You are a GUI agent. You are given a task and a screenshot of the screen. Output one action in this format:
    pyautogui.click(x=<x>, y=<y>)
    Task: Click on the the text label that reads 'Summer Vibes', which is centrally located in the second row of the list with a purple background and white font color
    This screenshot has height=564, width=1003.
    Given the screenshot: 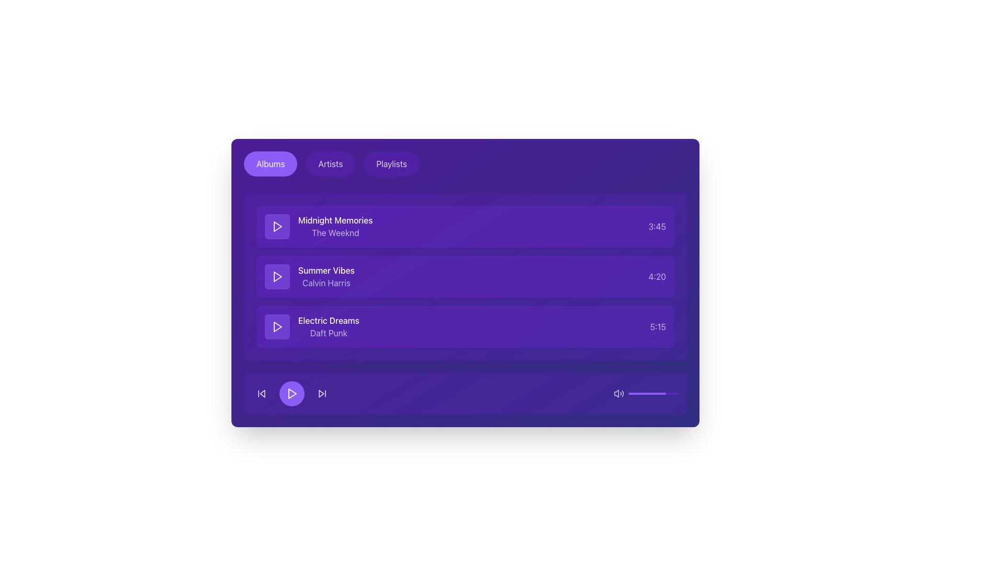 What is the action you would take?
    pyautogui.click(x=325, y=269)
    